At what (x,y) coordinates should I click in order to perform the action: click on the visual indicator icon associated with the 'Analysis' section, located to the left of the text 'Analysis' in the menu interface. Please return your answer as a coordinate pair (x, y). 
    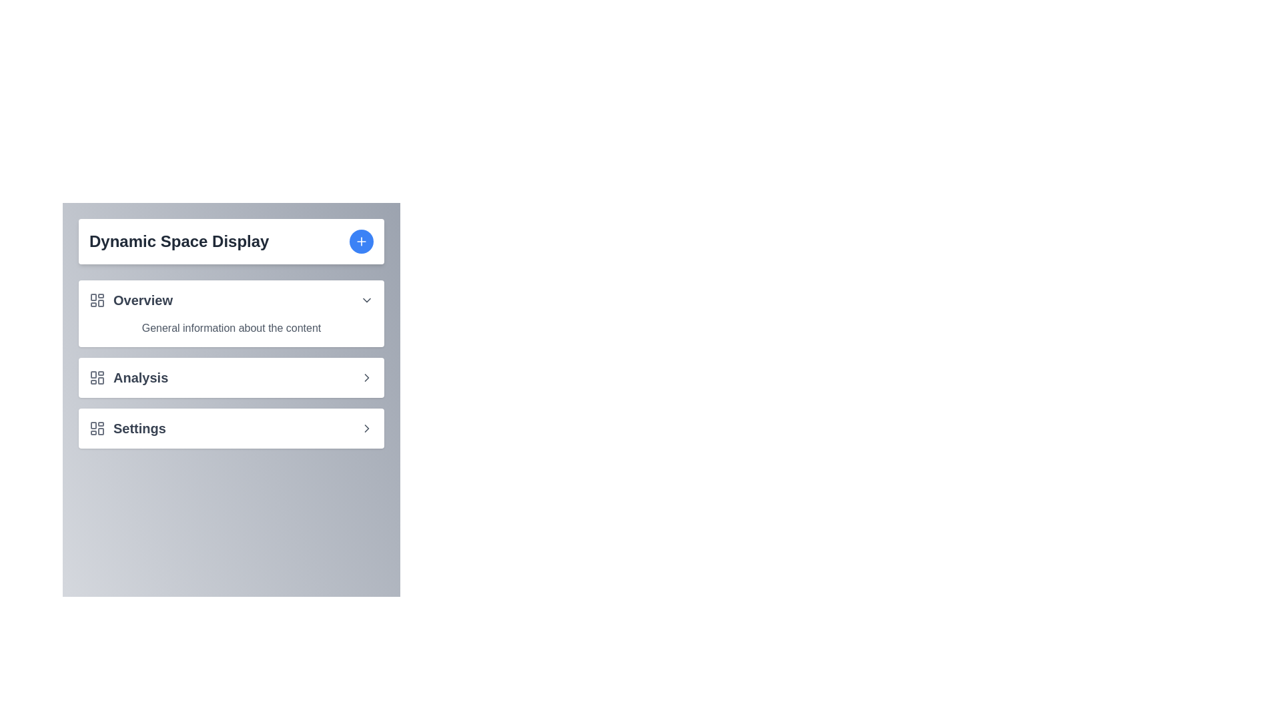
    Looking at the image, I should click on (96, 378).